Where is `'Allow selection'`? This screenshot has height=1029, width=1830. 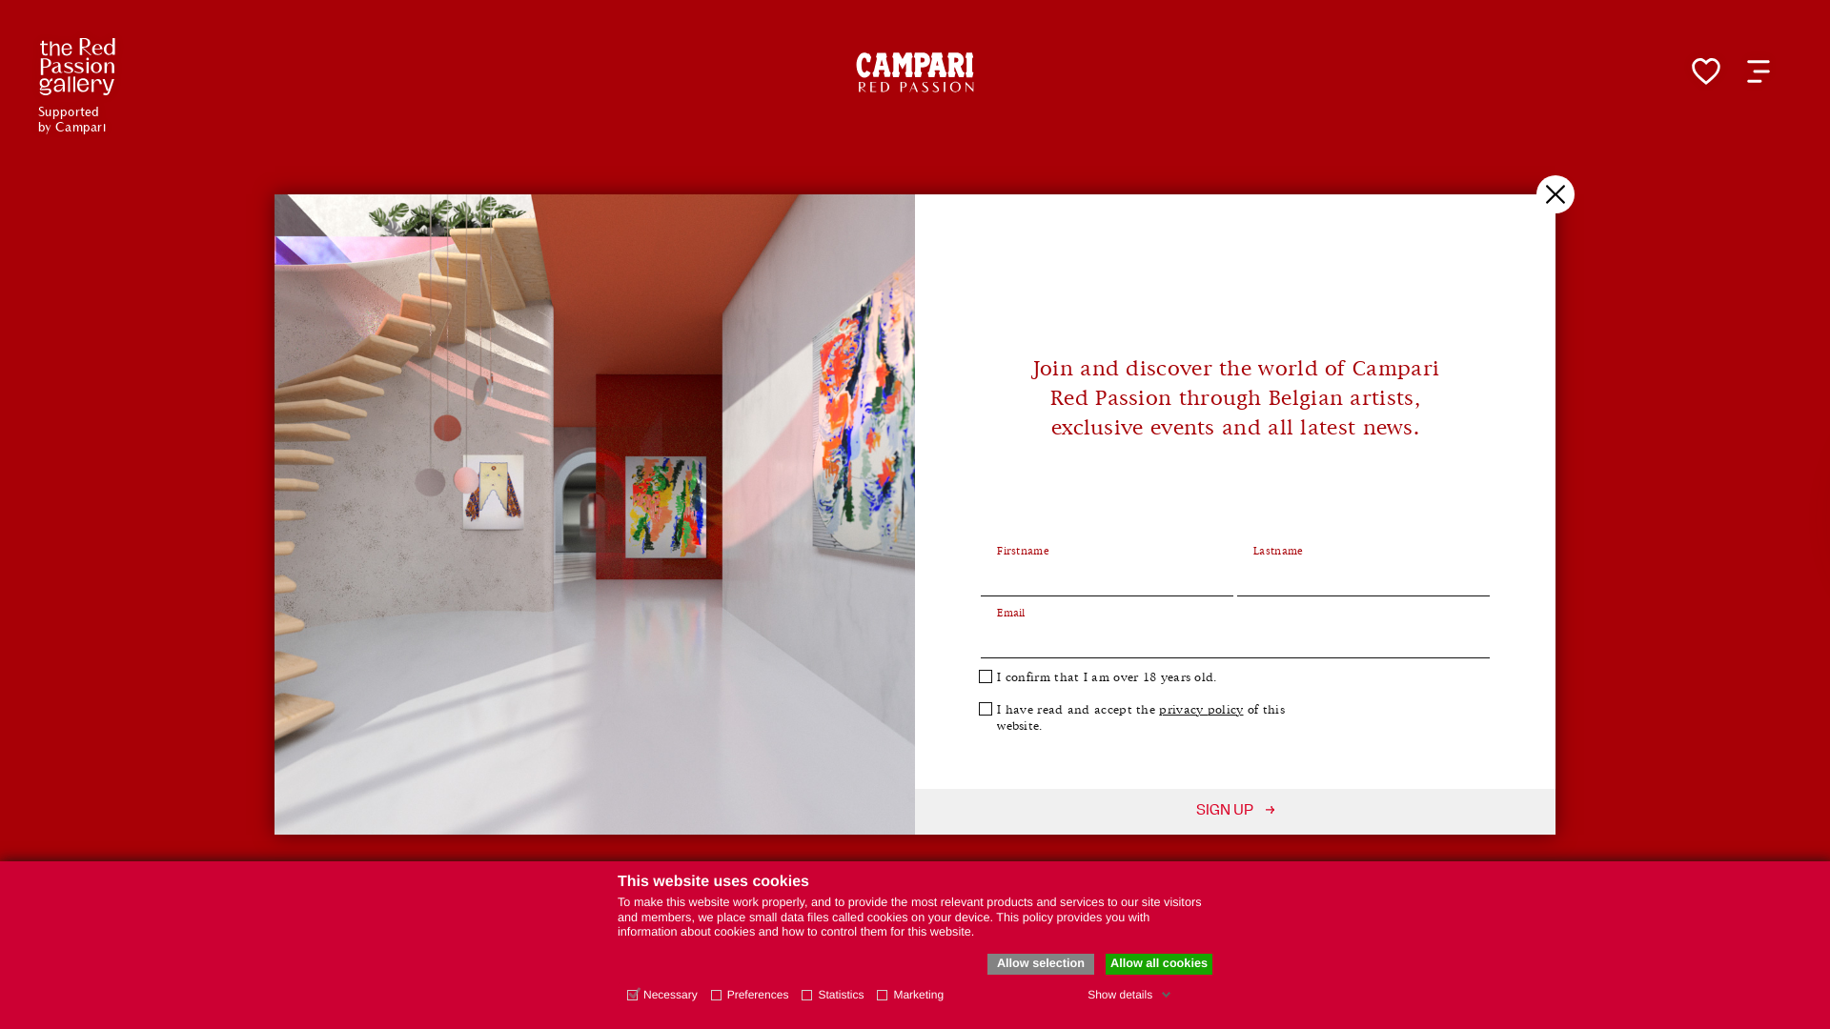
'Allow selection' is located at coordinates (1039, 963).